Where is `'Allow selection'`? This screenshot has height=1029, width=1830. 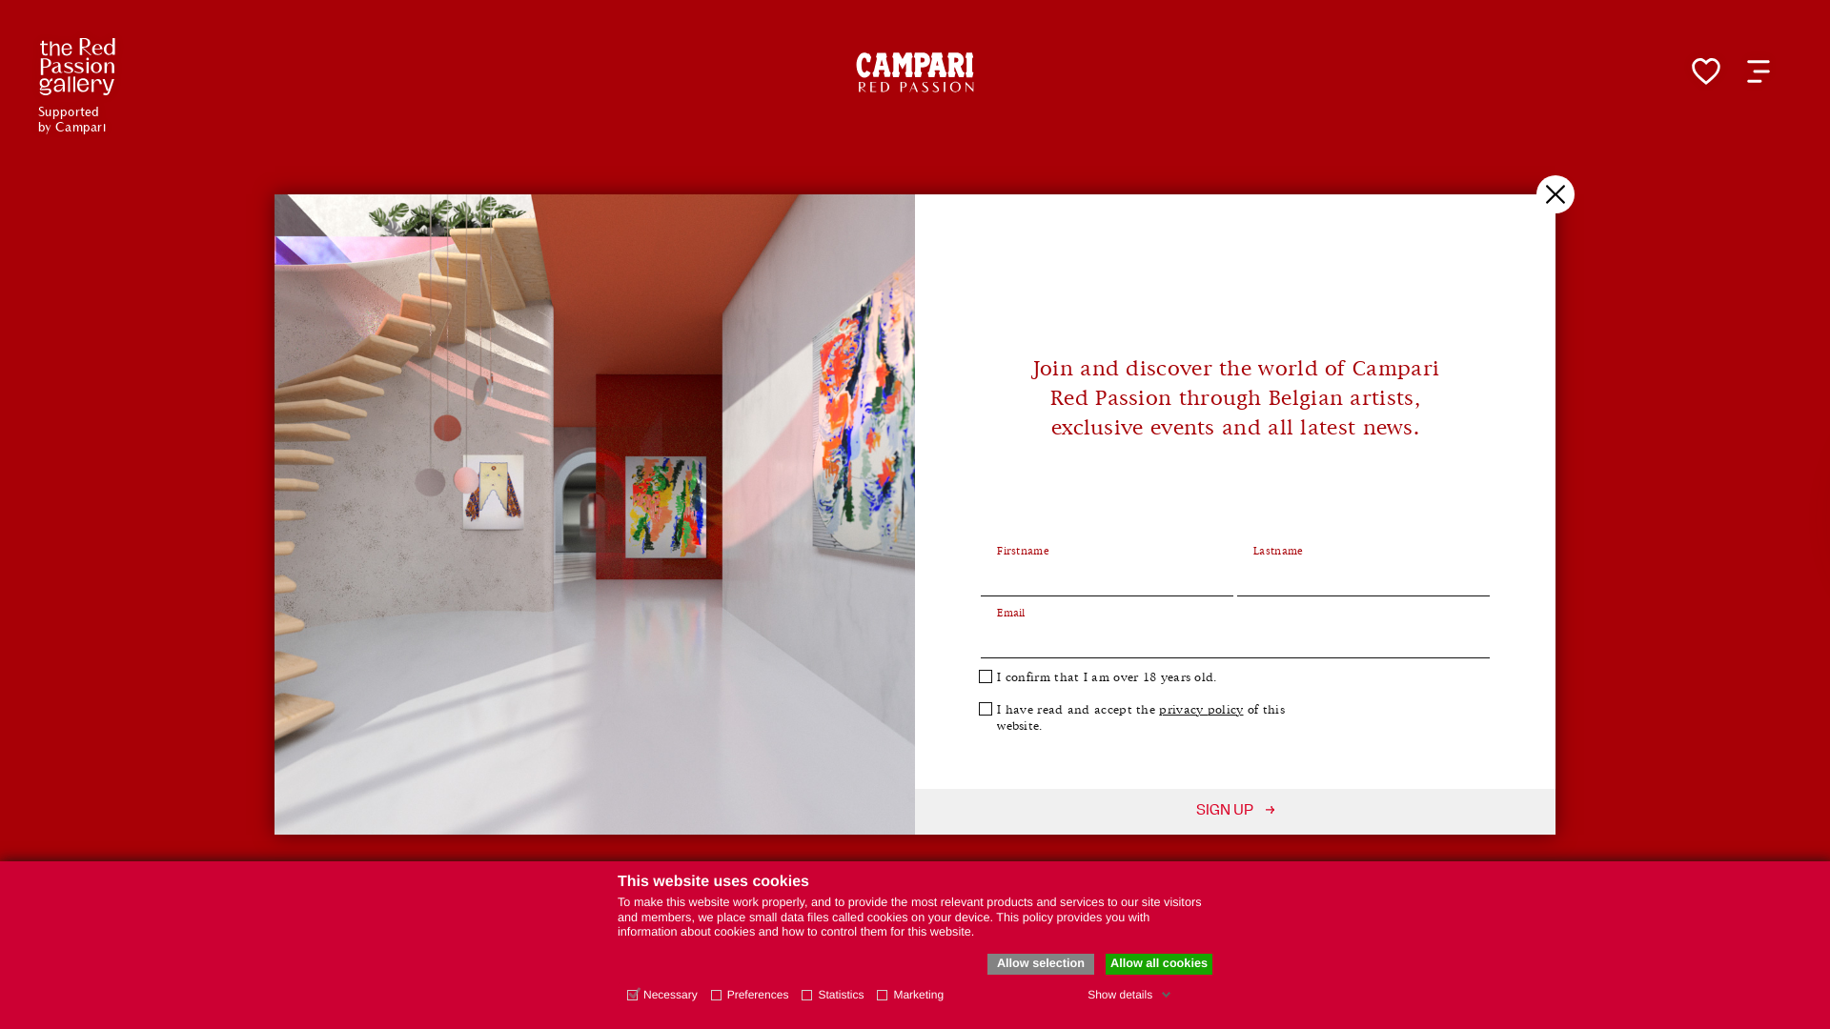
'Allow selection' is located at coordinates (1039, 963).